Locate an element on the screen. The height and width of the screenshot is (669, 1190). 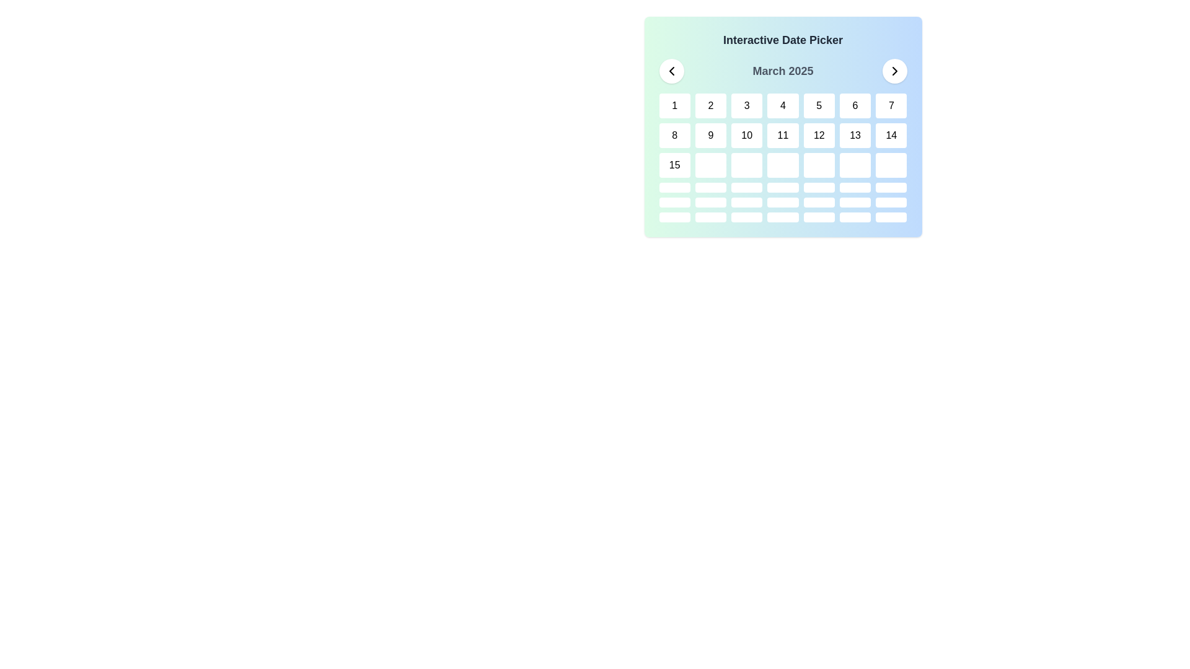
the seventh button in the fourth row of the calendar date picker interface is located at coordinates (891, 188).